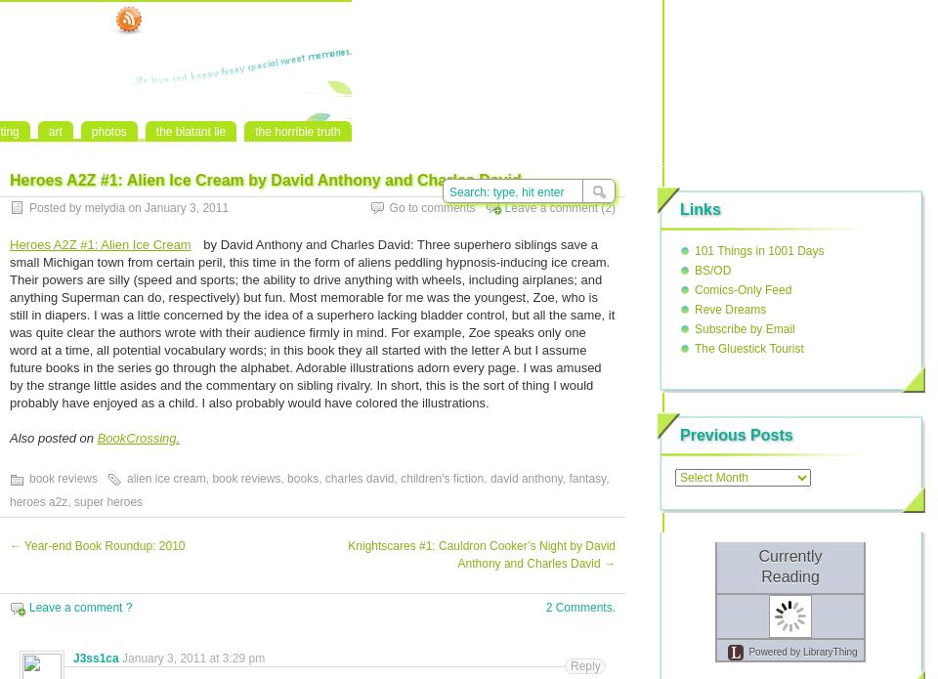 The width and height of the screenshot is (938, 679). I want to click on 'BS/OD', so click(694, 270).